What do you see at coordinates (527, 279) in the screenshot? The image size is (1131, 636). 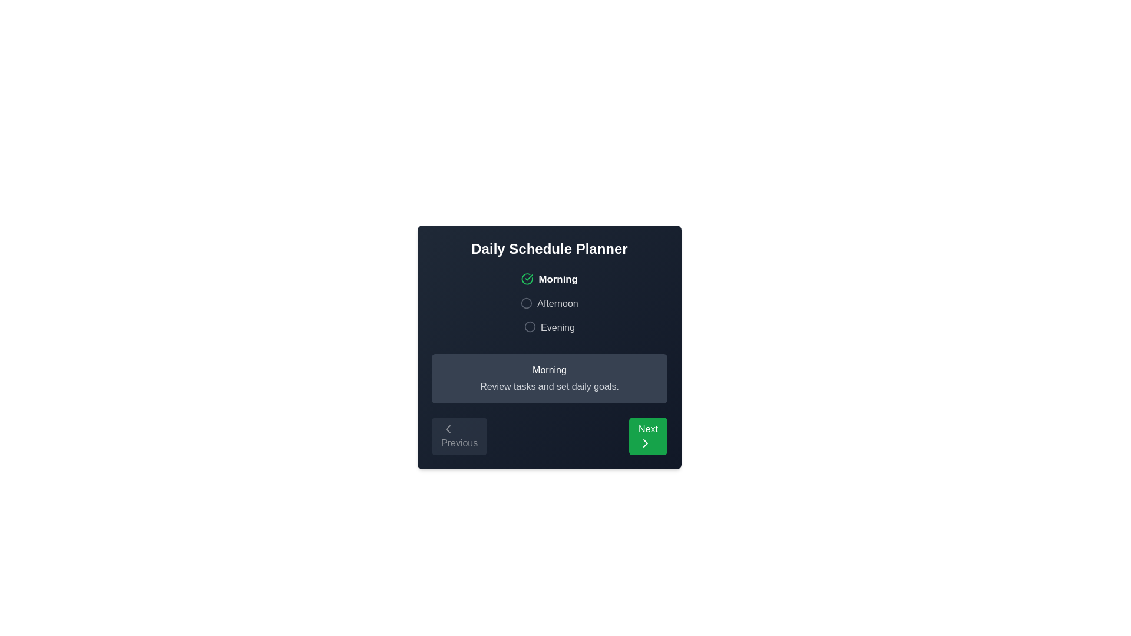 I see `the state of the circular green checkmark icon adjacent to the 'Morning' label in the 'Daily Schedule Planner' interface` at bounding box center [527, 279].